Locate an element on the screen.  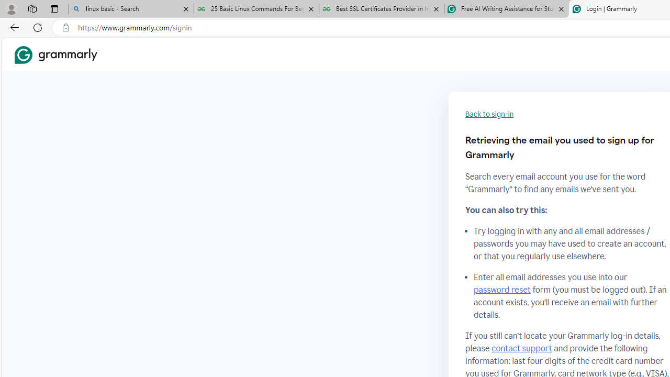
'contact support' is located at coordinates (522, 348).